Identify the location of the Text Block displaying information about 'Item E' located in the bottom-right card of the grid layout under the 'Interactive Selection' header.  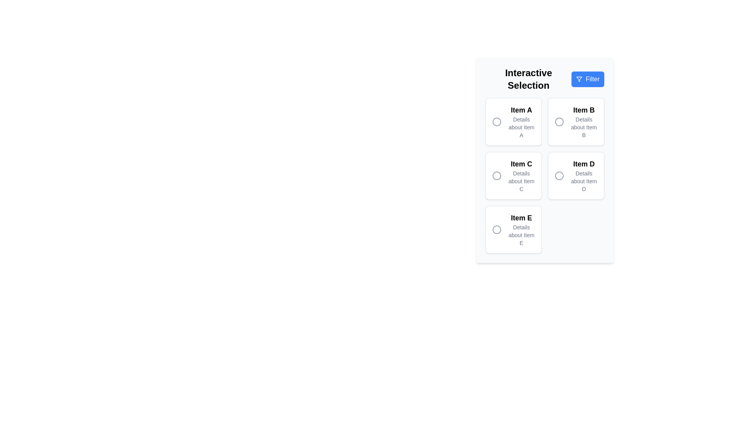
(521, 229).